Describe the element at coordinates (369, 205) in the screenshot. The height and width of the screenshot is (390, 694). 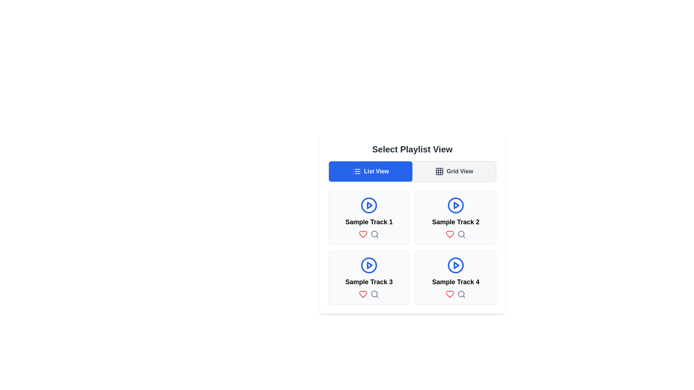
I see `the play button for 'Sample Track 1'` at that location.